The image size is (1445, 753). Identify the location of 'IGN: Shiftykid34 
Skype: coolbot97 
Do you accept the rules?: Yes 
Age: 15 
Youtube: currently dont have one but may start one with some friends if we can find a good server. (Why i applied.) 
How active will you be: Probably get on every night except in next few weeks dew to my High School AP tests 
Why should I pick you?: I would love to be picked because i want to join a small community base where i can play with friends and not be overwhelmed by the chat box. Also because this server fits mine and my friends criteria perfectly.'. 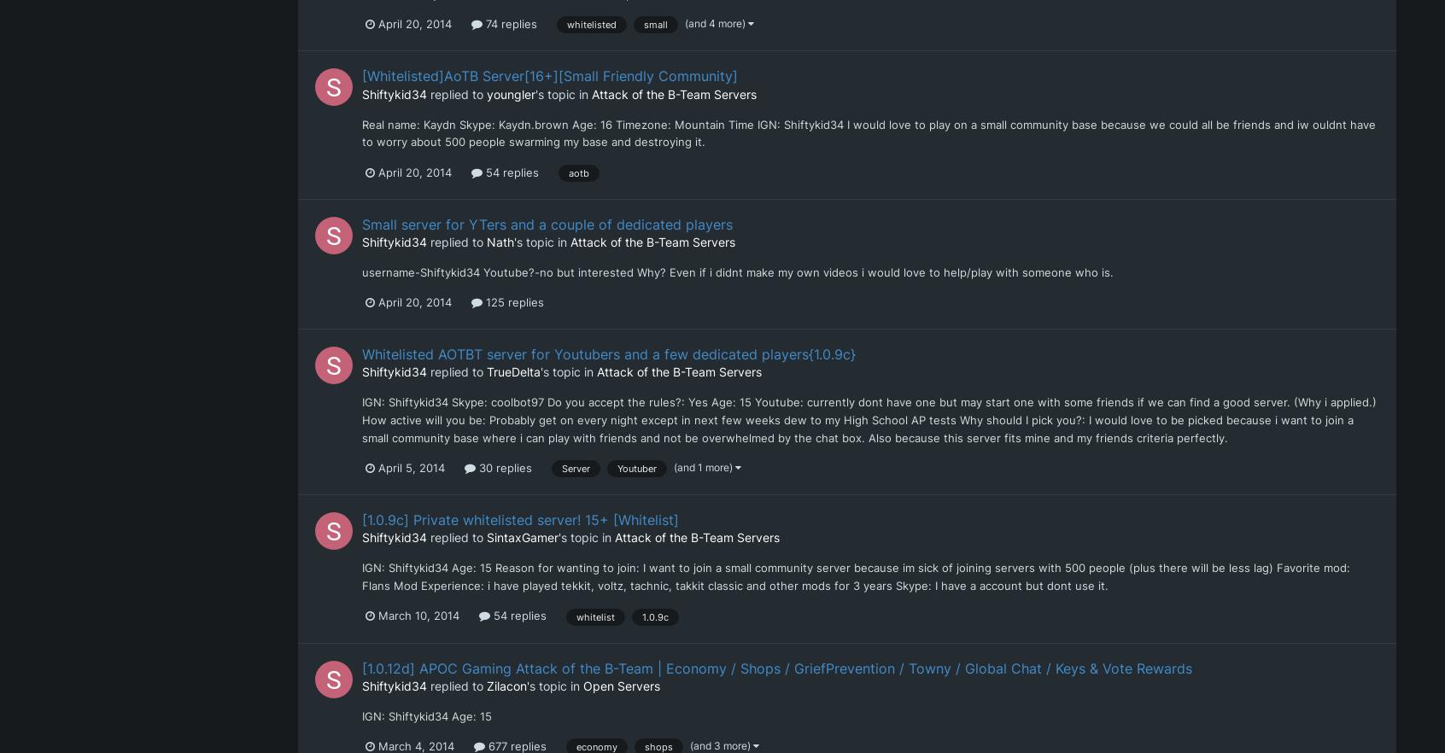
(361, 418).